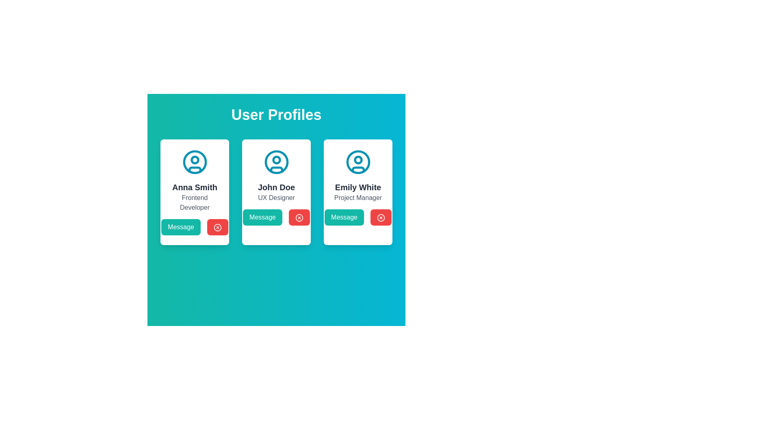 This screenshot has height=439, width=780. Describe the element at coordinates (276, 192) in the screenshot. I see `the profile card UI component displaying user details, located in the center column between 'Anna Smith' and 'Emily White'` at that location.